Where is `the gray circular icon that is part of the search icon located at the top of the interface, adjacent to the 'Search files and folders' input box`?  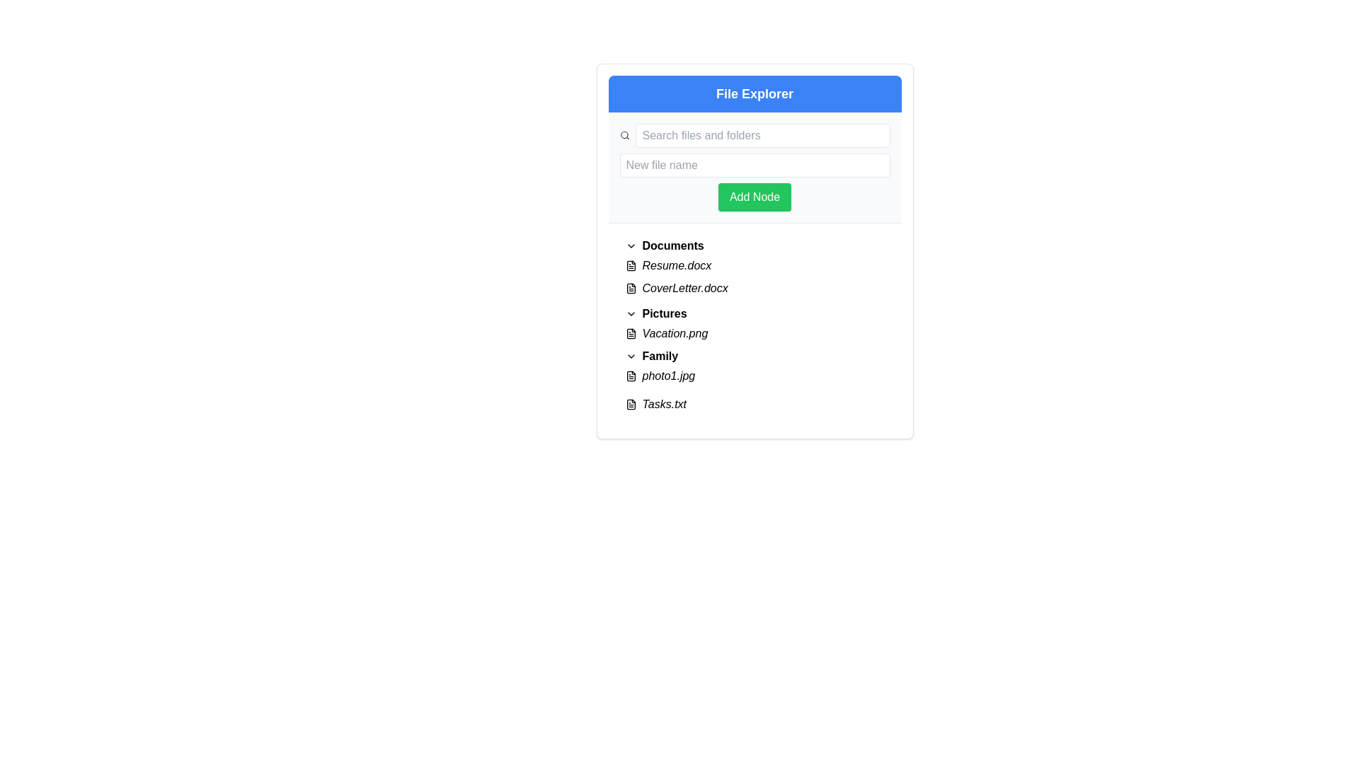 the gray circular icon that is part of the search icon located at the top of the interface, adjacent to the 'Search files and folders' input box is located at coordinates (624, 135).